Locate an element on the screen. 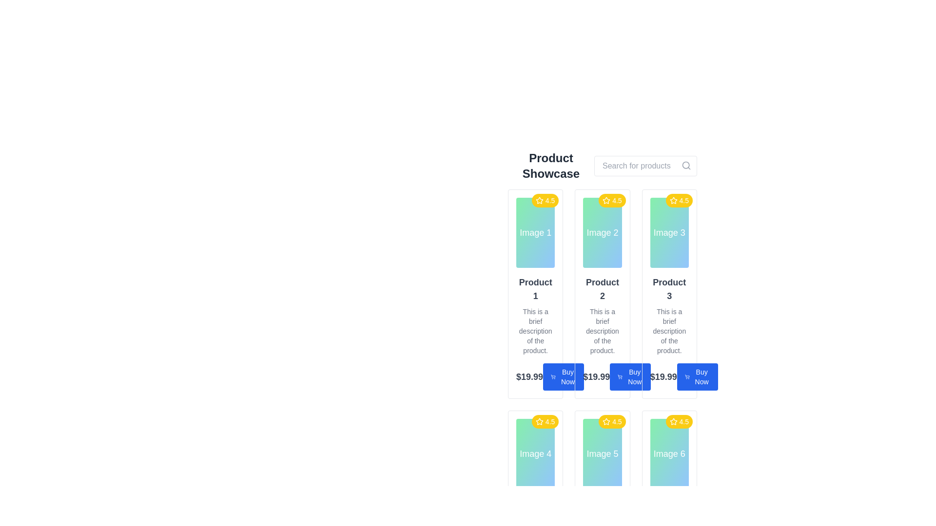  the rating value displayed by the icon located at the top-left corner of the product card for 'Image 5', which shows the text '4.5' is located at coordinates (606, 421).